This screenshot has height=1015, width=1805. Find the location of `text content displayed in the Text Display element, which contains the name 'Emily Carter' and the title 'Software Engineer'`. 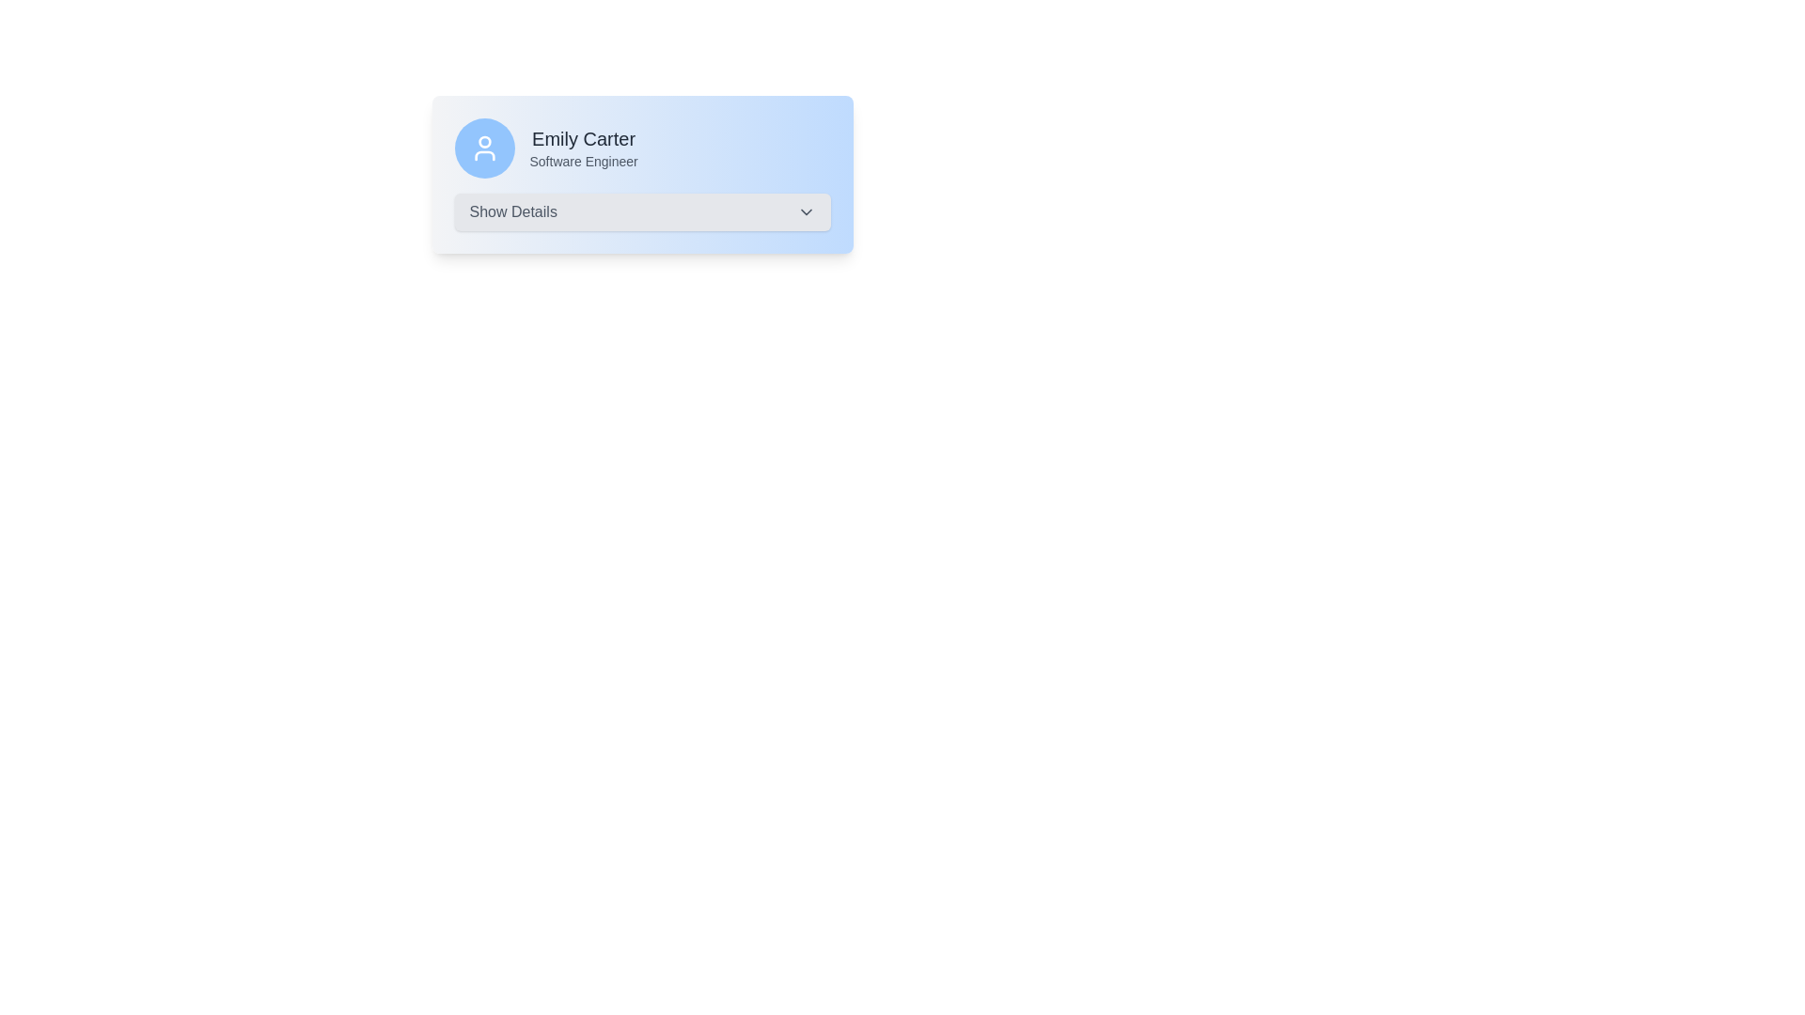

text content displayed in the Text Display element, which contains the name 'Emily Carter' and the title 'Software Engineer' is located at coordinates (583, 148).